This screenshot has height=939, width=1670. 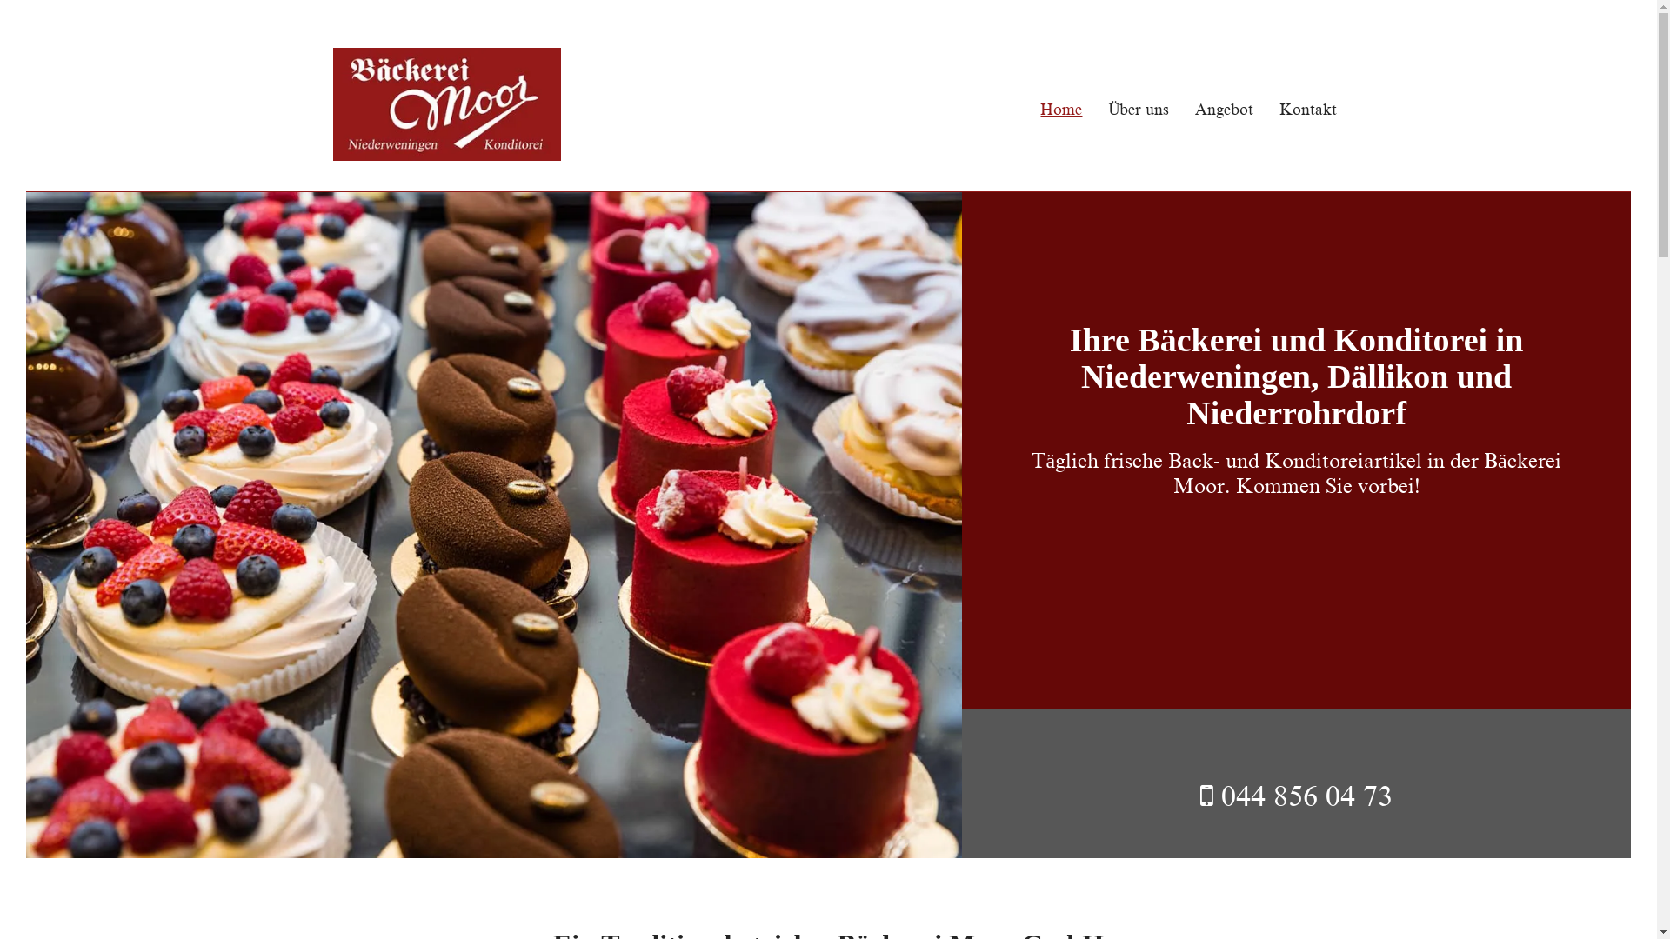 What do you see at coordinates (1252, 110) in the screenshot?
I see `'Kontakt'` at bounding box center [1252, 110].